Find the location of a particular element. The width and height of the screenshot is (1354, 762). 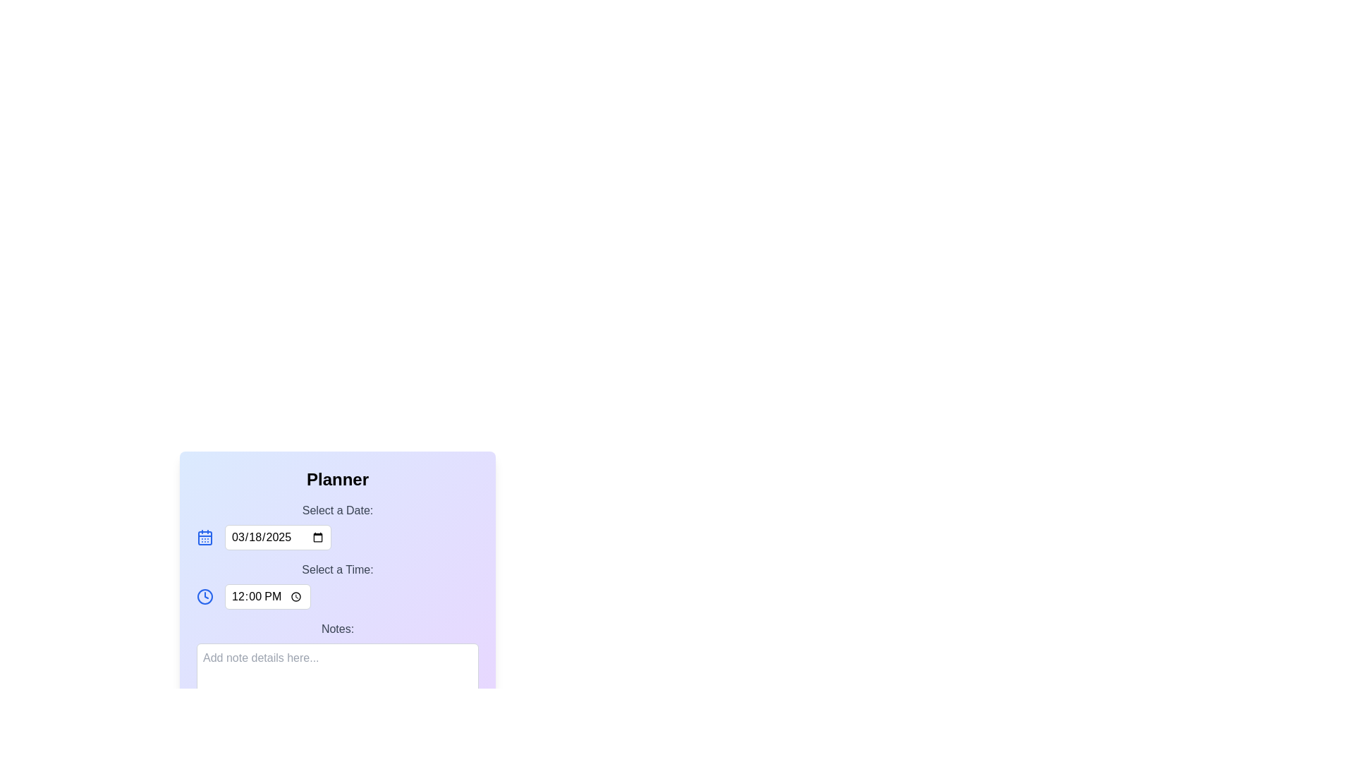

the Date input field located in the 'Select a Date' panel is located at coordinates (337, 538).